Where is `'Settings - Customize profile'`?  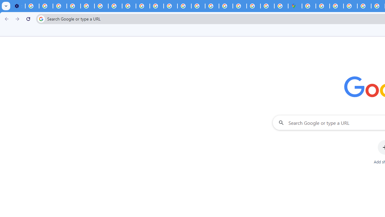
'Settings - Customize profile' is located at coordinates (18, 6).